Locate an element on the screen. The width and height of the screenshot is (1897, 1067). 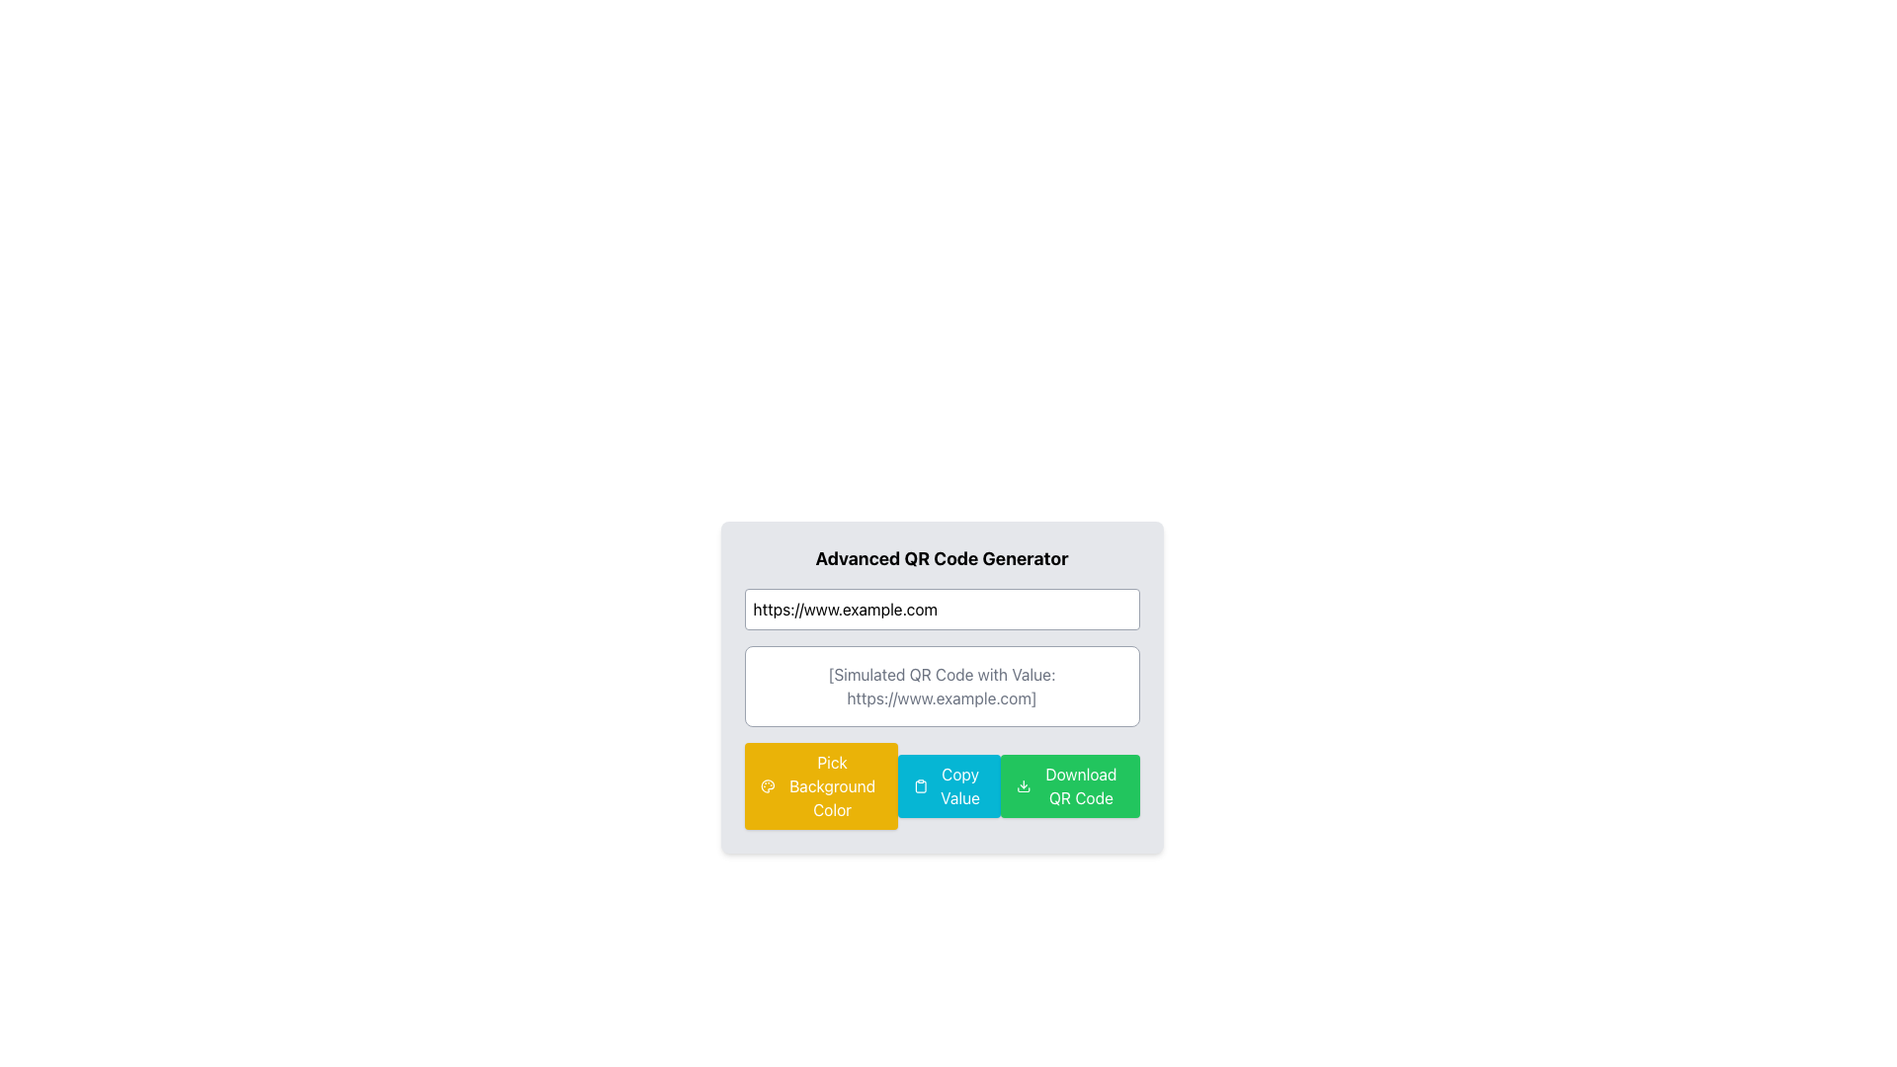
the icon that represents the action of picking or setting a background color, located at the start of the yellow button labeled 'Pick Background Color' is located at coordinates (766, 784).